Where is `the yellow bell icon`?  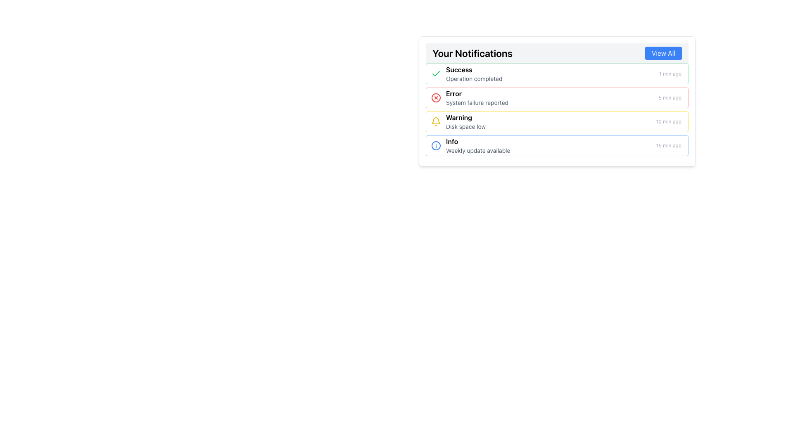 the yellow bell icon is located at coordinates (436, 121).